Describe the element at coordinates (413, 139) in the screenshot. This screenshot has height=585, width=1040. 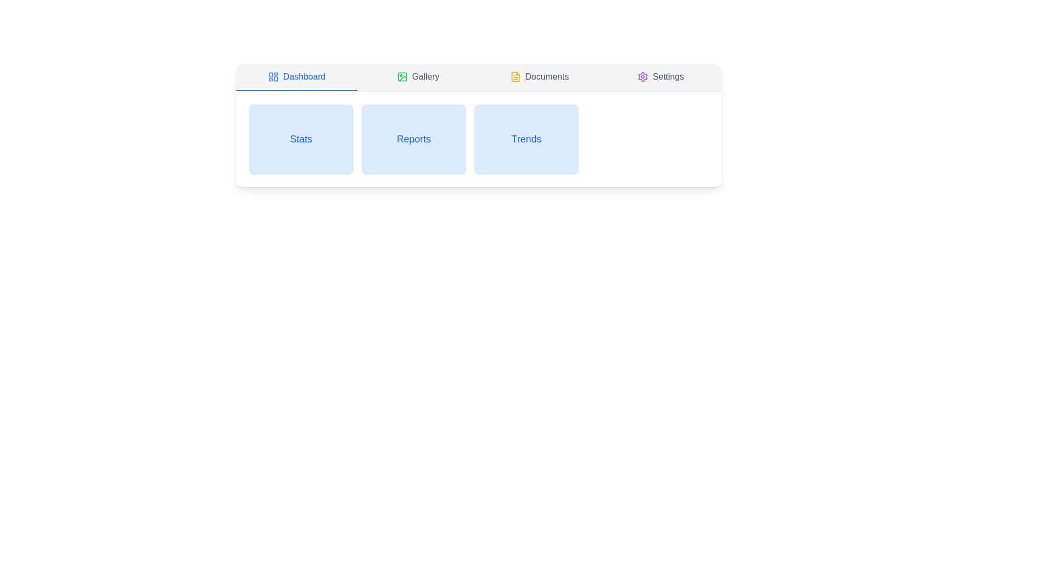
I see `the light blue tile labeled 'Reports'` at that location.